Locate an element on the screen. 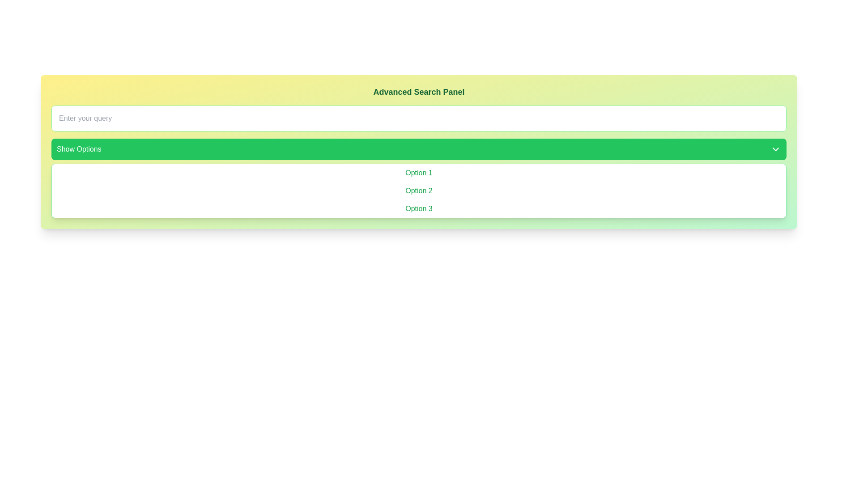  the toggle icon located at the far right of the green button labeled 'Show Options' is located at coordinates (775, 149).